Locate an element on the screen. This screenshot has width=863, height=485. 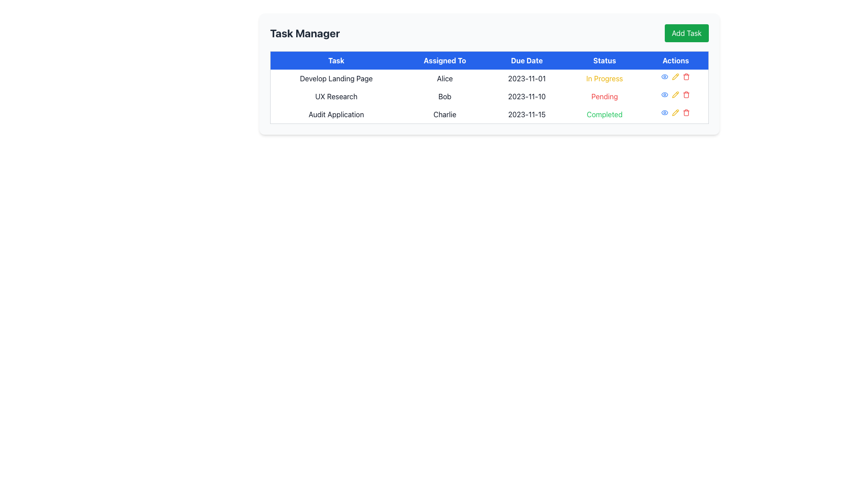
the eye-shaped icon in the Actions column of the first row in the table is located at coordinates (665, 95).